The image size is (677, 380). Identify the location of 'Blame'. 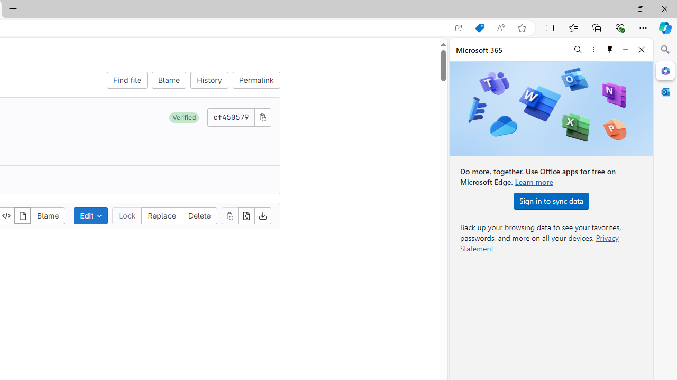
(168, 79).